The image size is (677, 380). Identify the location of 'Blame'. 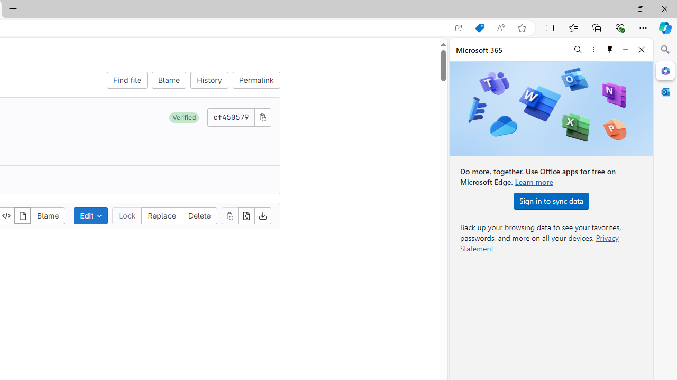
(168, 79).